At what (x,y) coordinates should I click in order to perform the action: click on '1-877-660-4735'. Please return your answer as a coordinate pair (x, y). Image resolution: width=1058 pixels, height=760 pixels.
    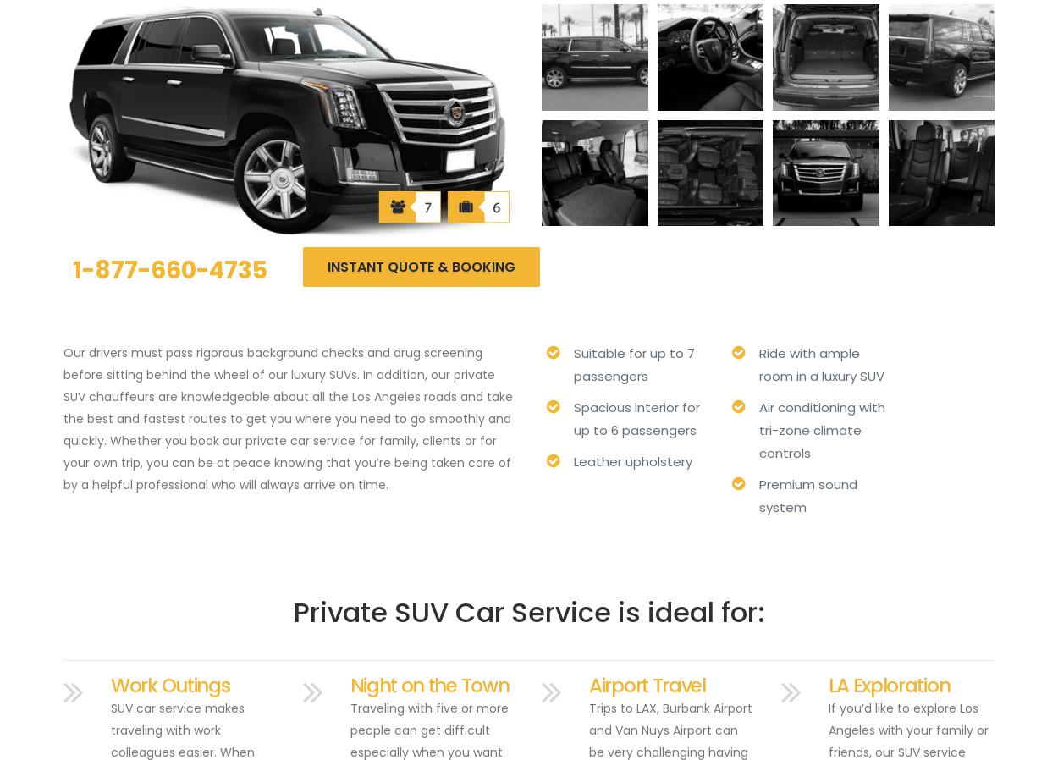
    Looking at the image, I should click on (169, 270).